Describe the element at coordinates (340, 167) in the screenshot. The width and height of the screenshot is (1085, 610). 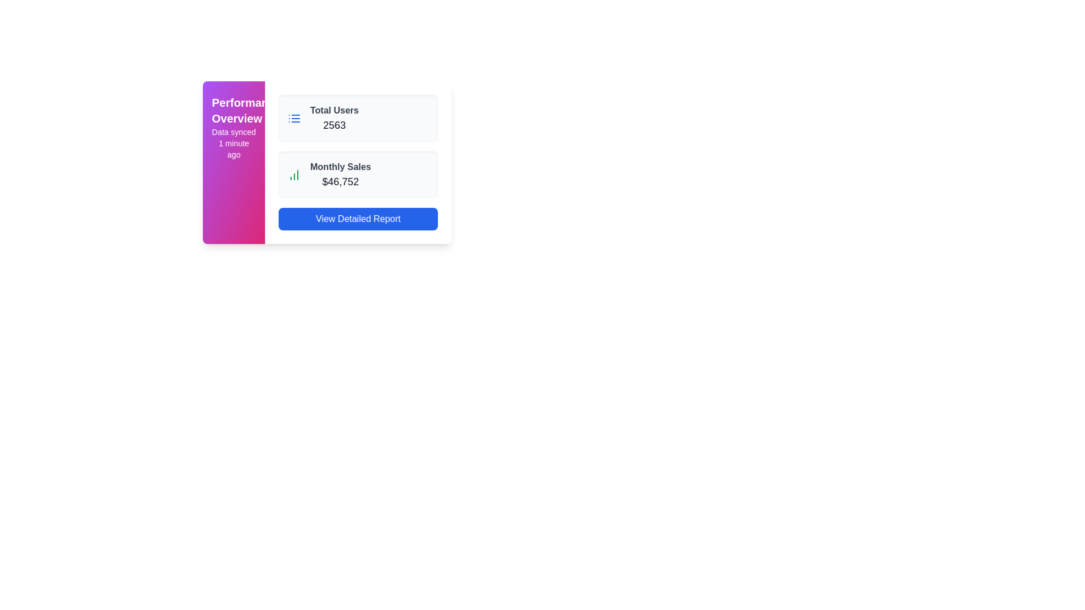
I see `the Text Label indicating the monthly sales data, which is positioned above the value '$46,752' in the sales data section of the dashboard` at that location.